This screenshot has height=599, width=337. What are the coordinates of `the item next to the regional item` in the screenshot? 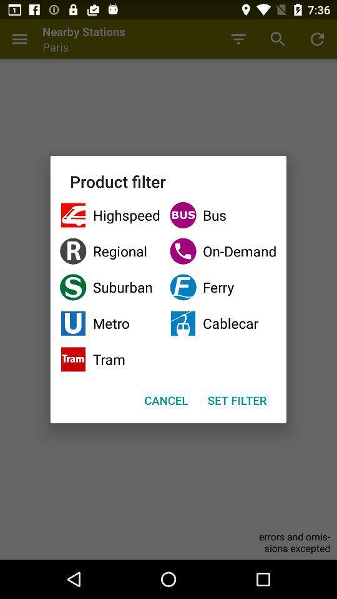 It's located at (222, 287).